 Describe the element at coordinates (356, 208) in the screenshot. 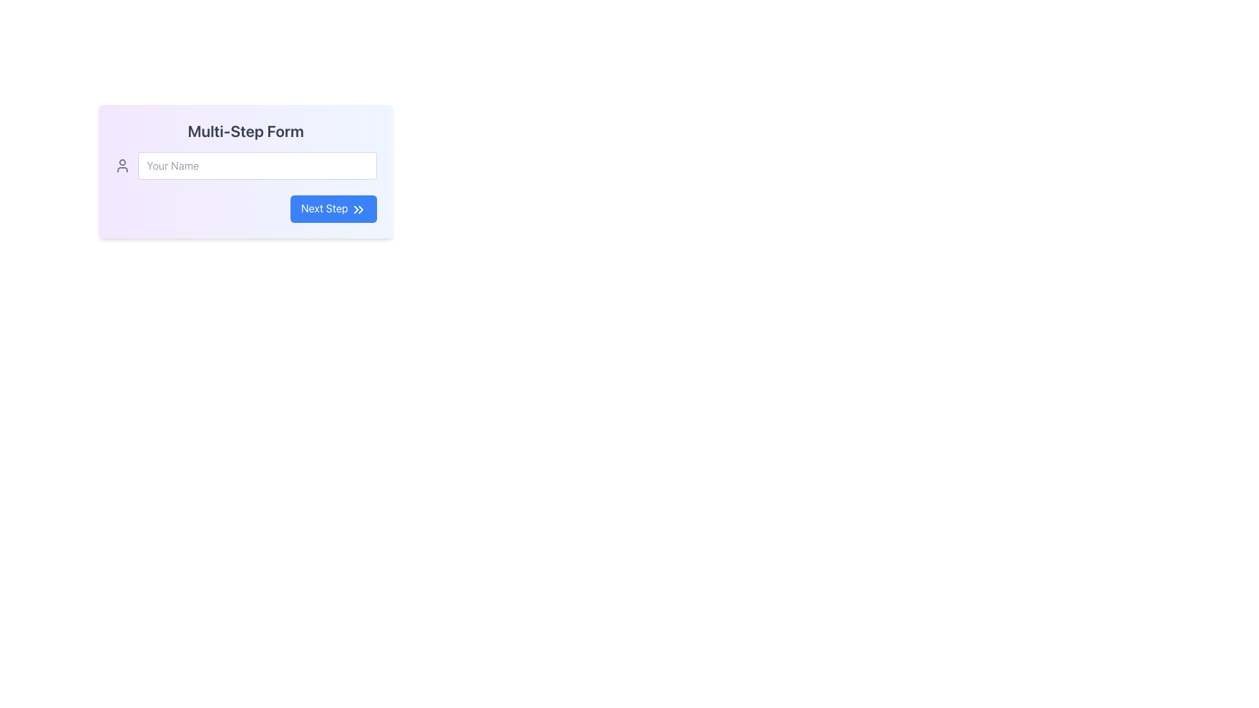

I see `the left-pointing chevron arrow icon located within the button to the right of the 'Your Name' text input box, below the 'Multi-Step Form' heading` at that location.